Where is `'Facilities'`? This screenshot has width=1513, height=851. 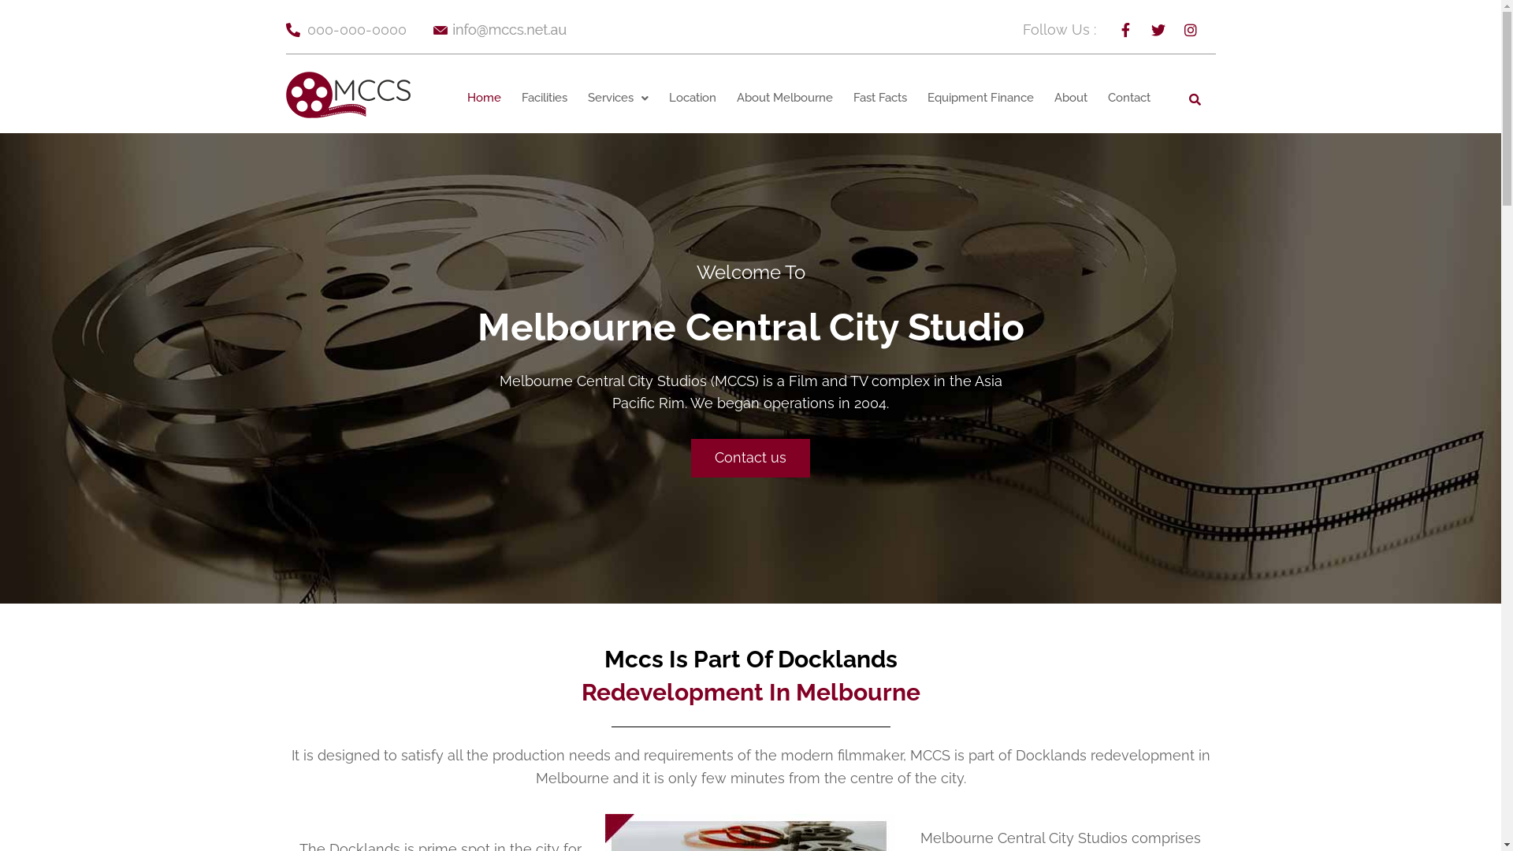
'Facilities' is located at coordinates (511, 98).